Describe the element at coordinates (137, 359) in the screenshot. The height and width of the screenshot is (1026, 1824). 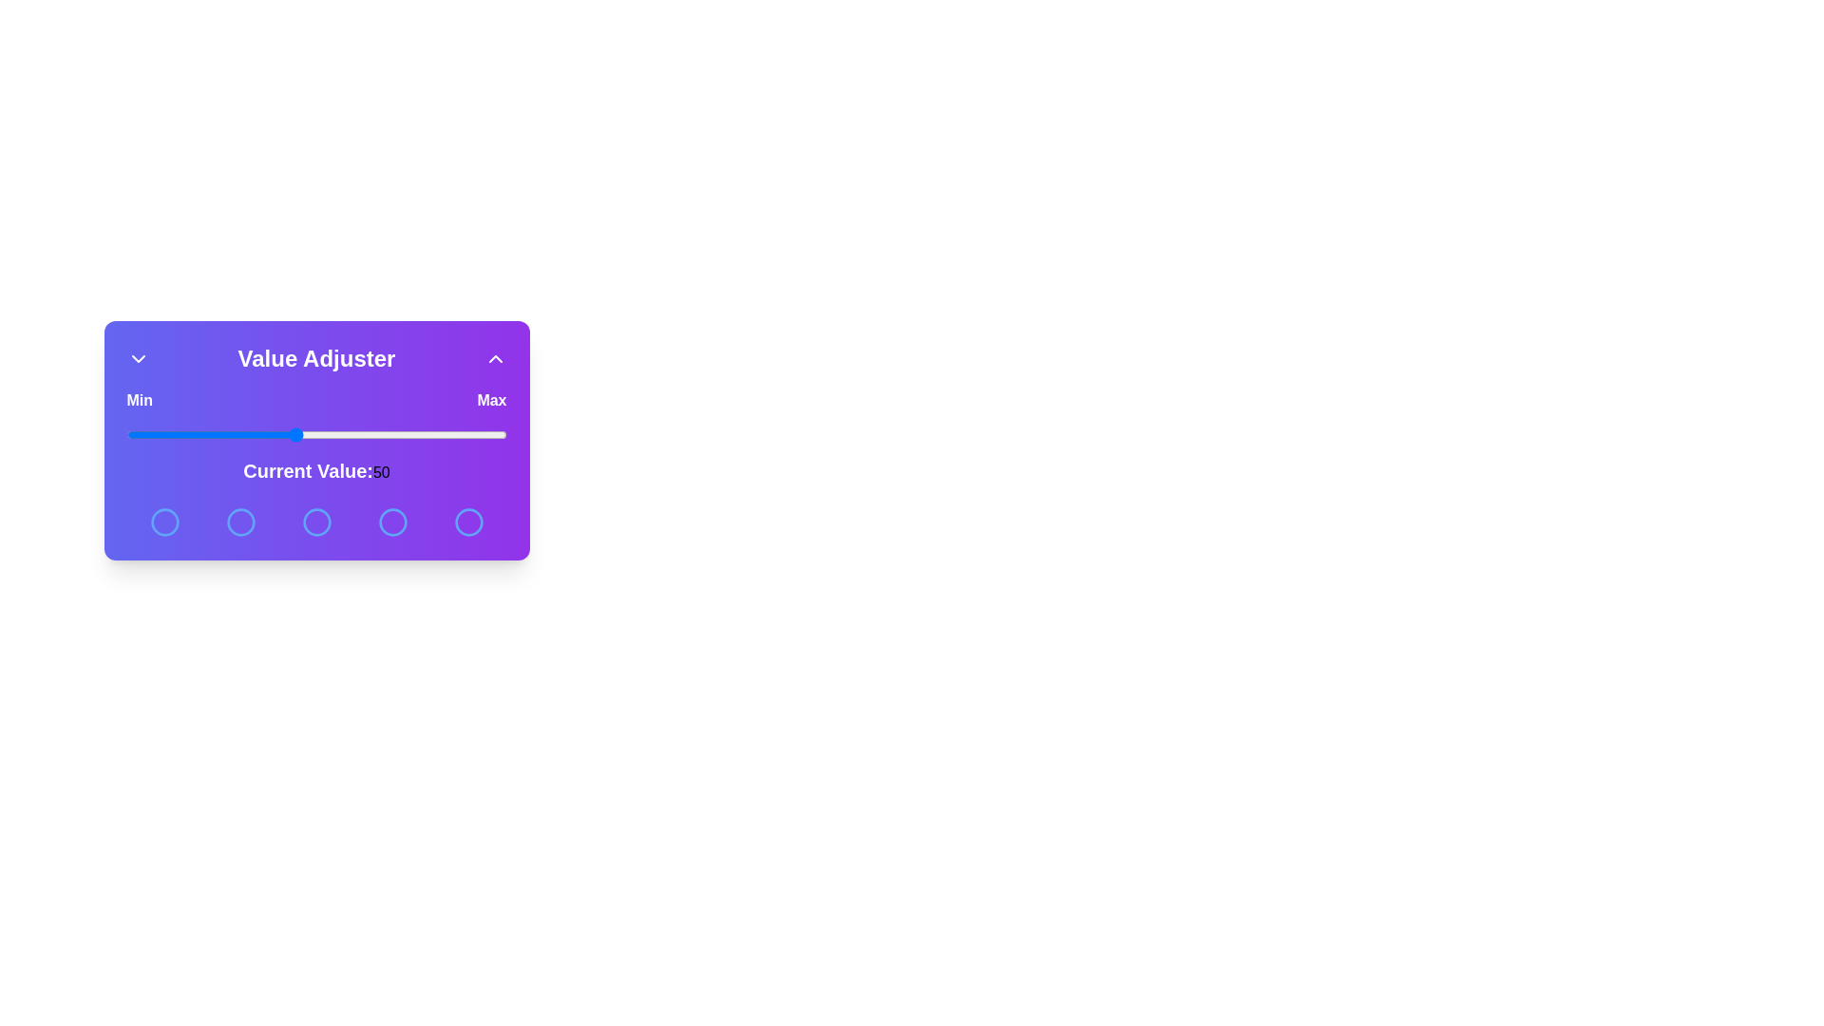
I see `the ChevronDown button to toggle the visibility of the panel` at that location.